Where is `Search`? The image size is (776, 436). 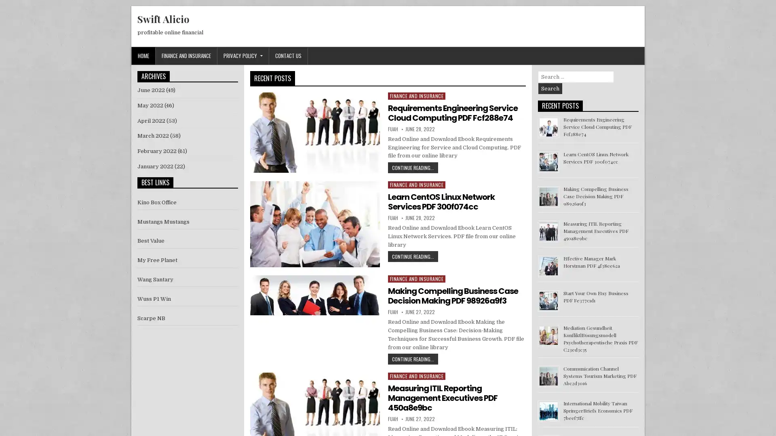
Search is located at coordinates (550, 88).